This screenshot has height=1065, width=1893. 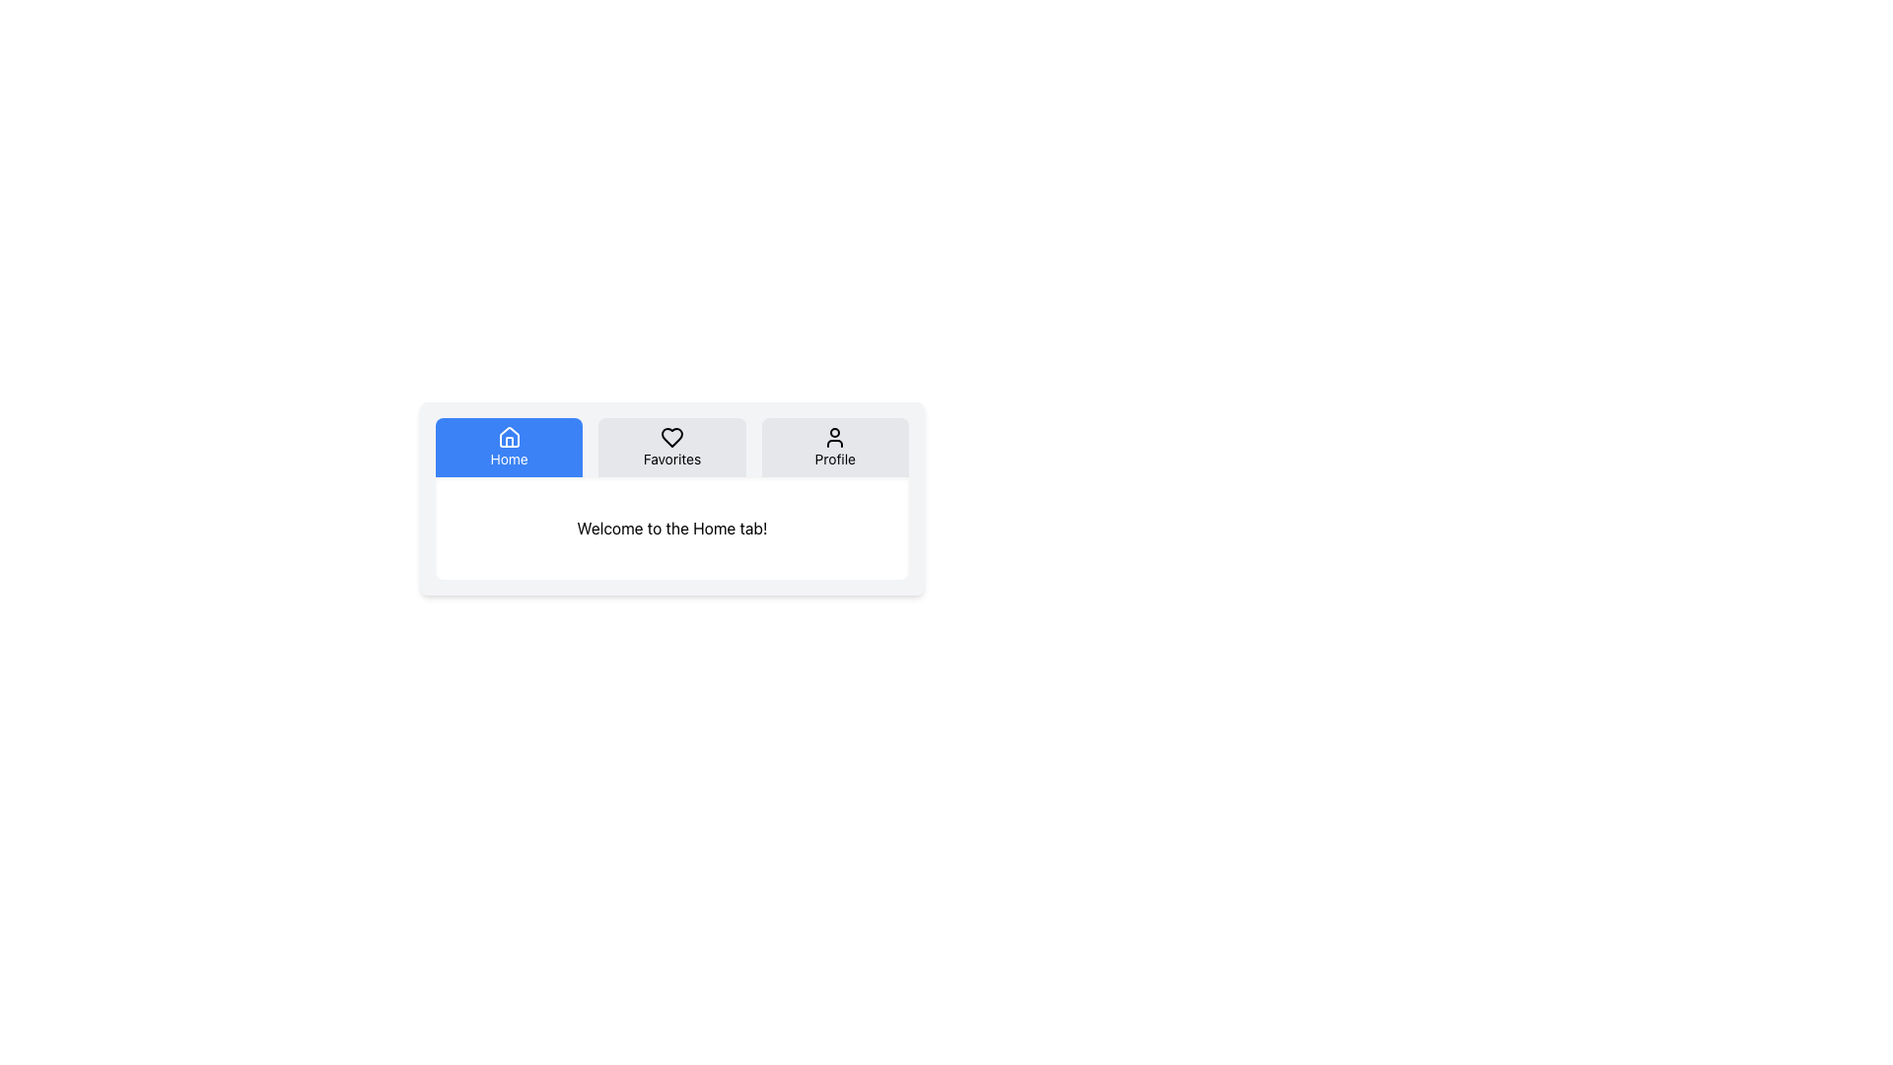 What do you see at coordinates (671, 436) in the screenshot?
I see `the heart icon representing the 'Favorites' section in the navigation bar, located between 'Home' and 'Profile'` at bounding box center [671, 436].